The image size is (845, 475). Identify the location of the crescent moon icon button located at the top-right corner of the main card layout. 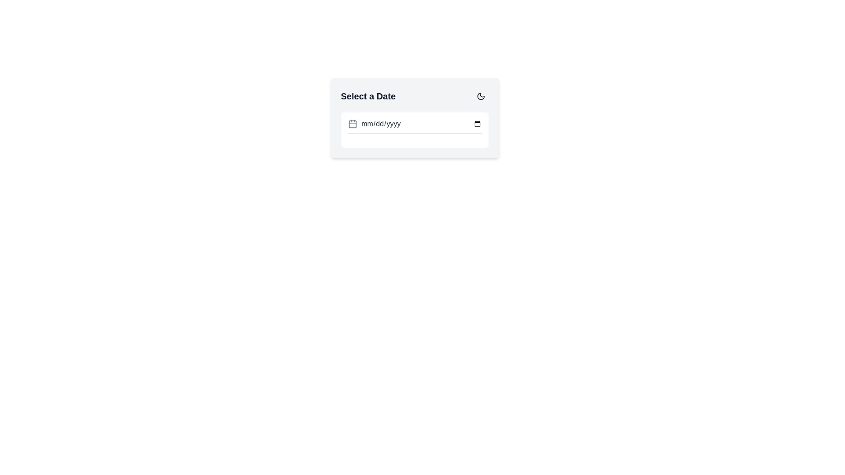
(480, 96).